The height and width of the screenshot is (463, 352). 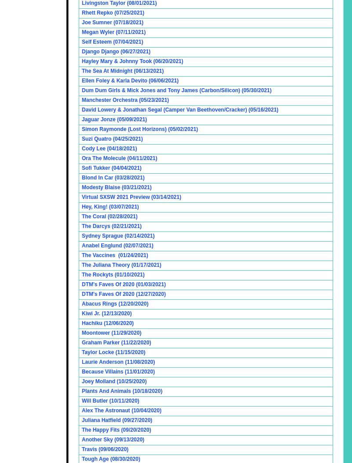 What do you see at coordinates (105, 449) in the screenshot?
I see `'Travis (09/06/2020)'` at bounding box center [105, 449].